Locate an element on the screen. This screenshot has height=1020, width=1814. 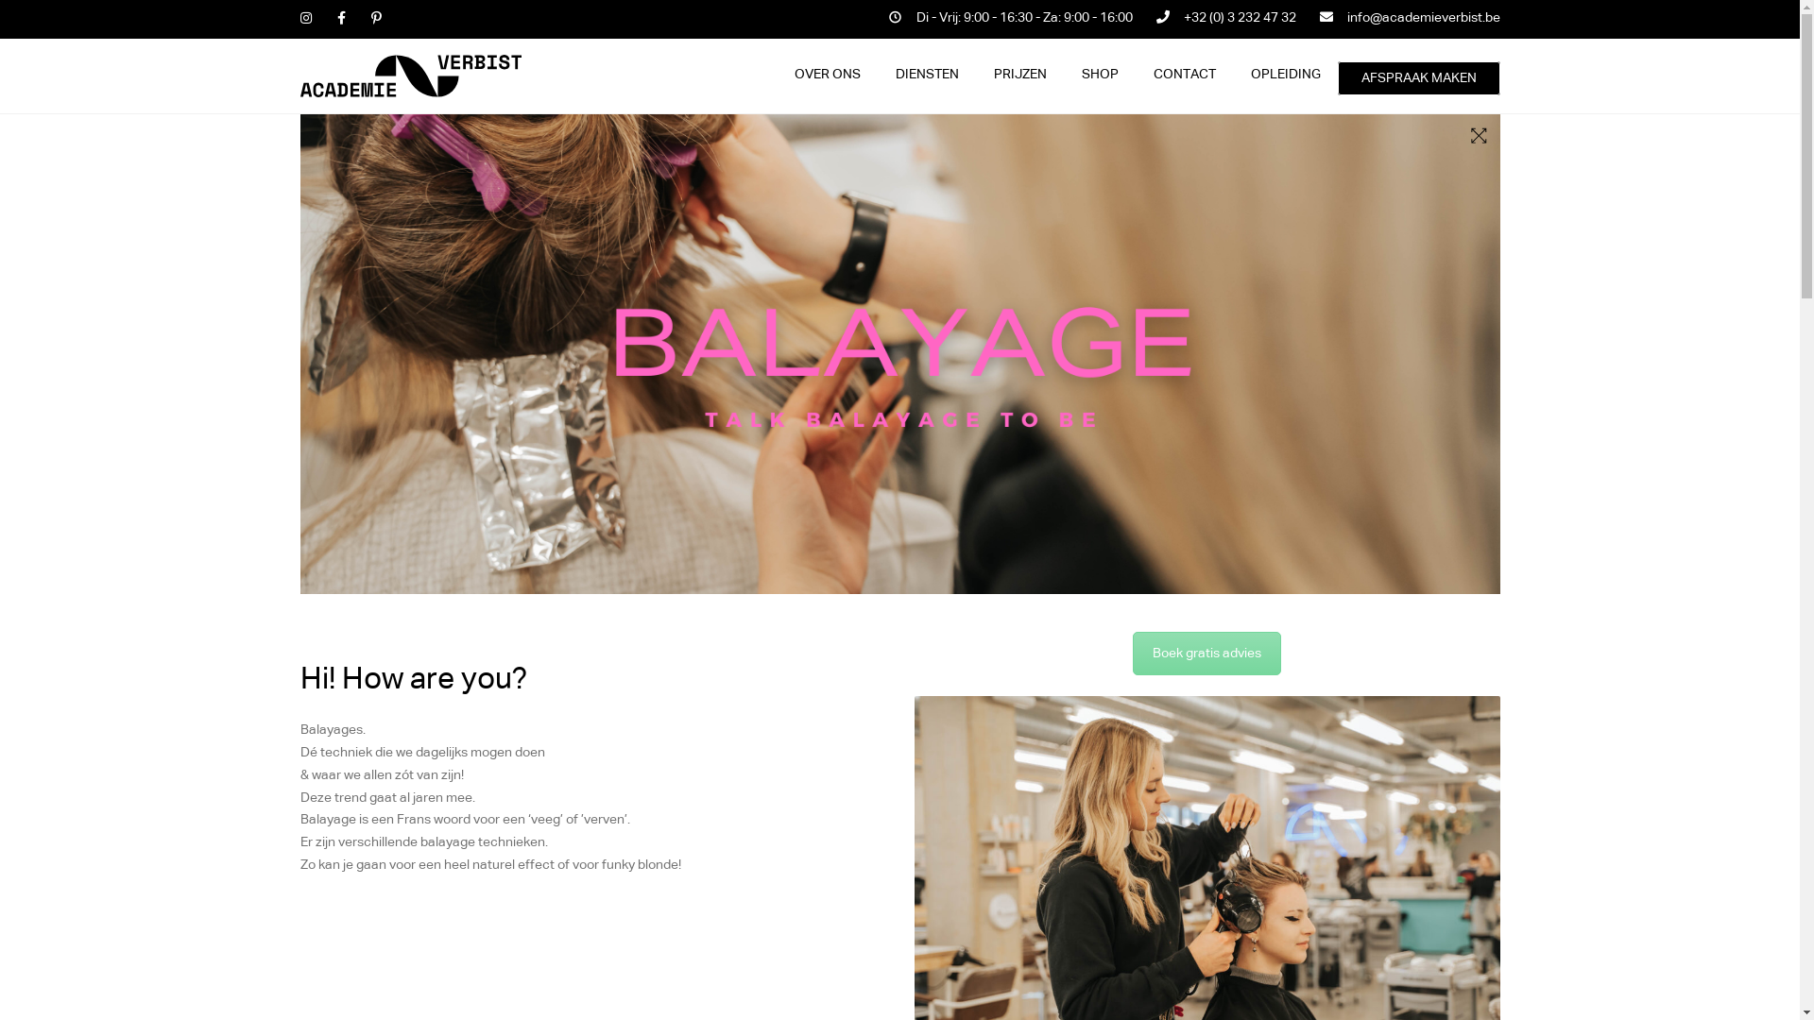
'Boek gratis advies' is located at coordinates (1206, 652).